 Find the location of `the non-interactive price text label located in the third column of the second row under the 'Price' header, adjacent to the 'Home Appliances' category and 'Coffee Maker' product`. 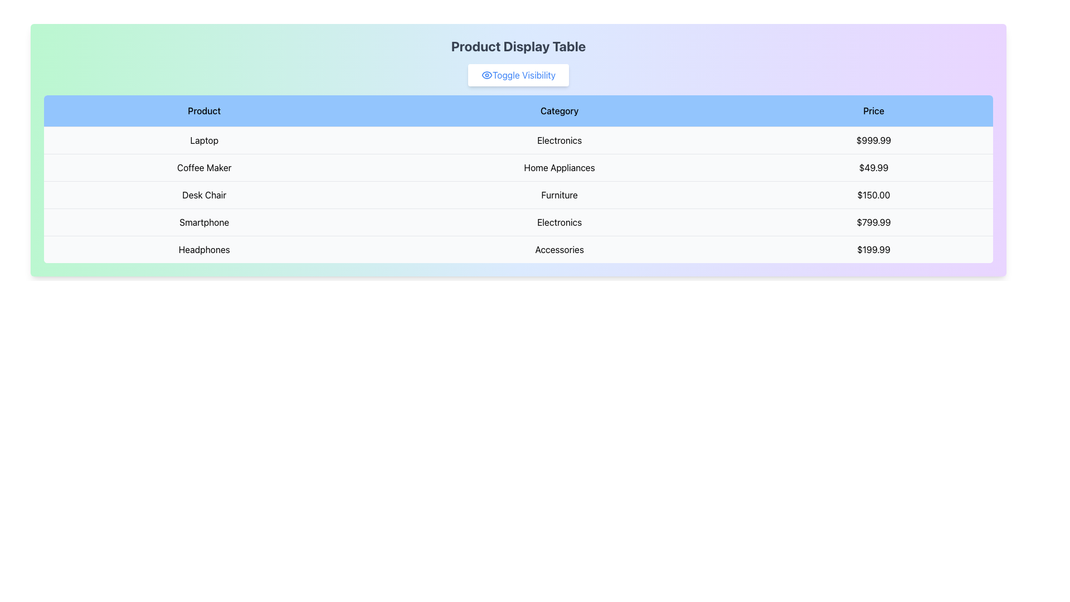

the non-interactive price text label located in the third column of the second row under the 'Price' header, adjacent to the 'Home Appliances' category and 'Coffee Maker' product is located at coordinates (873, 167).